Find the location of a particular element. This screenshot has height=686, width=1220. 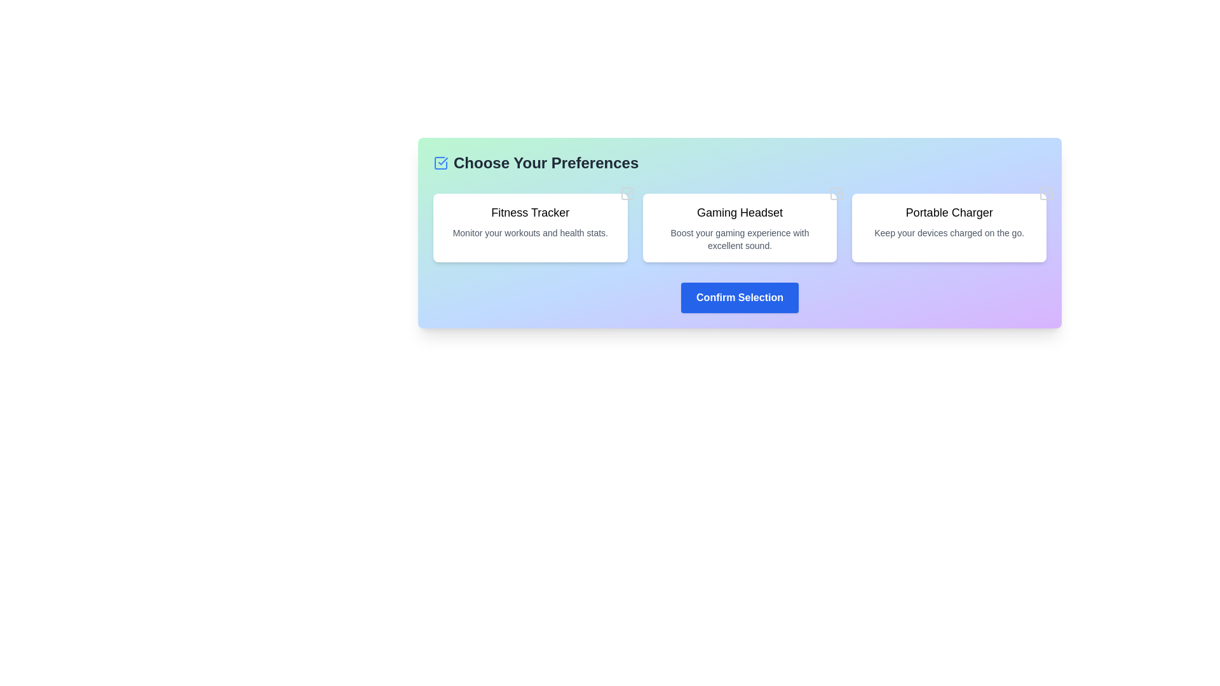

the text 'Gaming Headset' which is styled with a bold font, located at the top part of a card with a white background is located at coordinates (740, 212).